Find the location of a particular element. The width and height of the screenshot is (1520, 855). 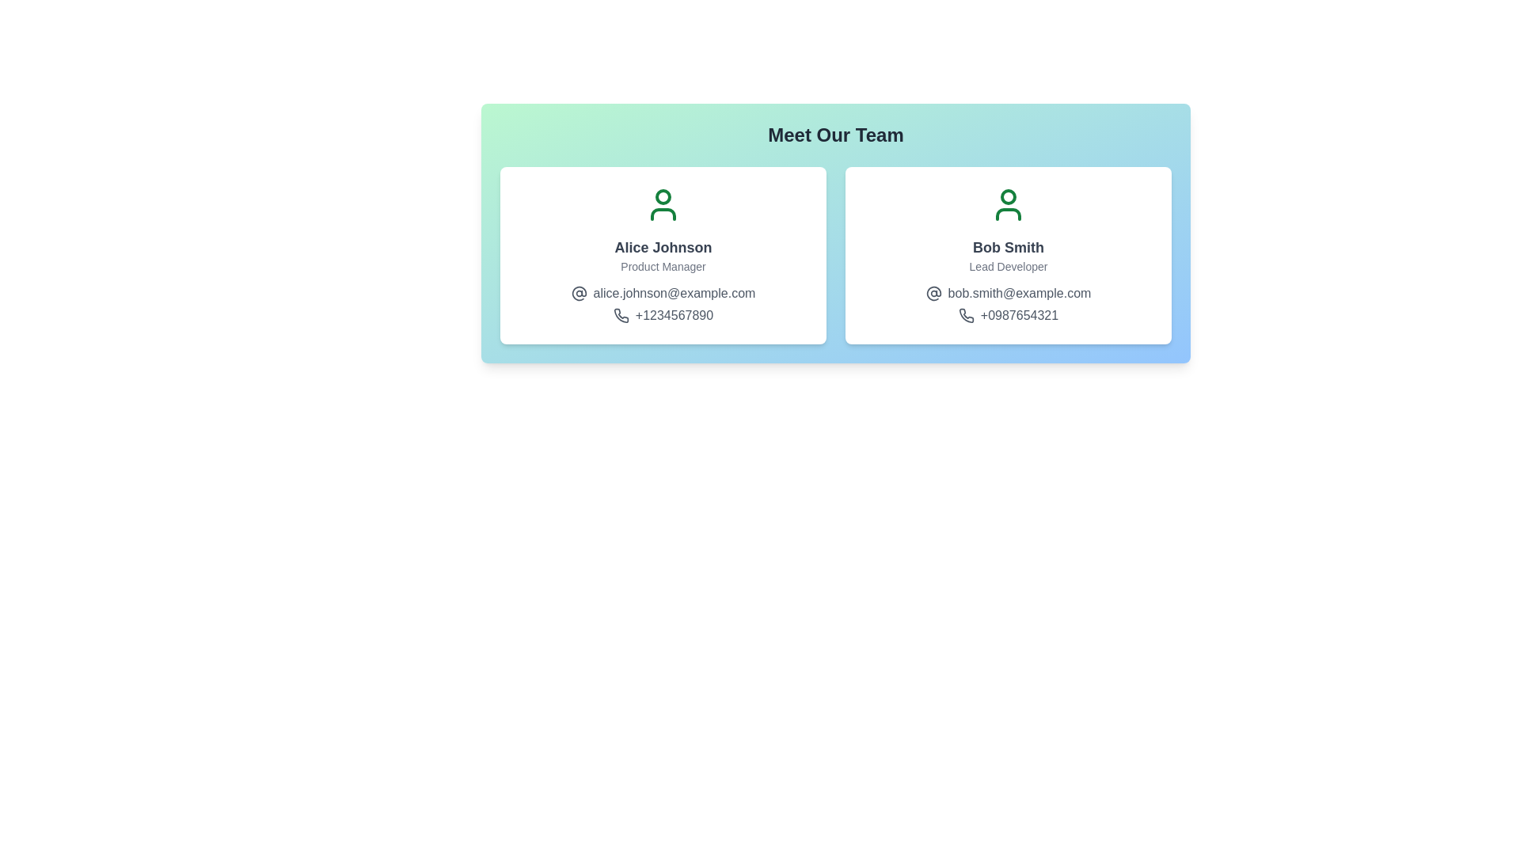

the '@' icon in the email display 'bob.smith@example.com' within the profile card for 'Bob Smith' is located at coordinates (1007, 293).